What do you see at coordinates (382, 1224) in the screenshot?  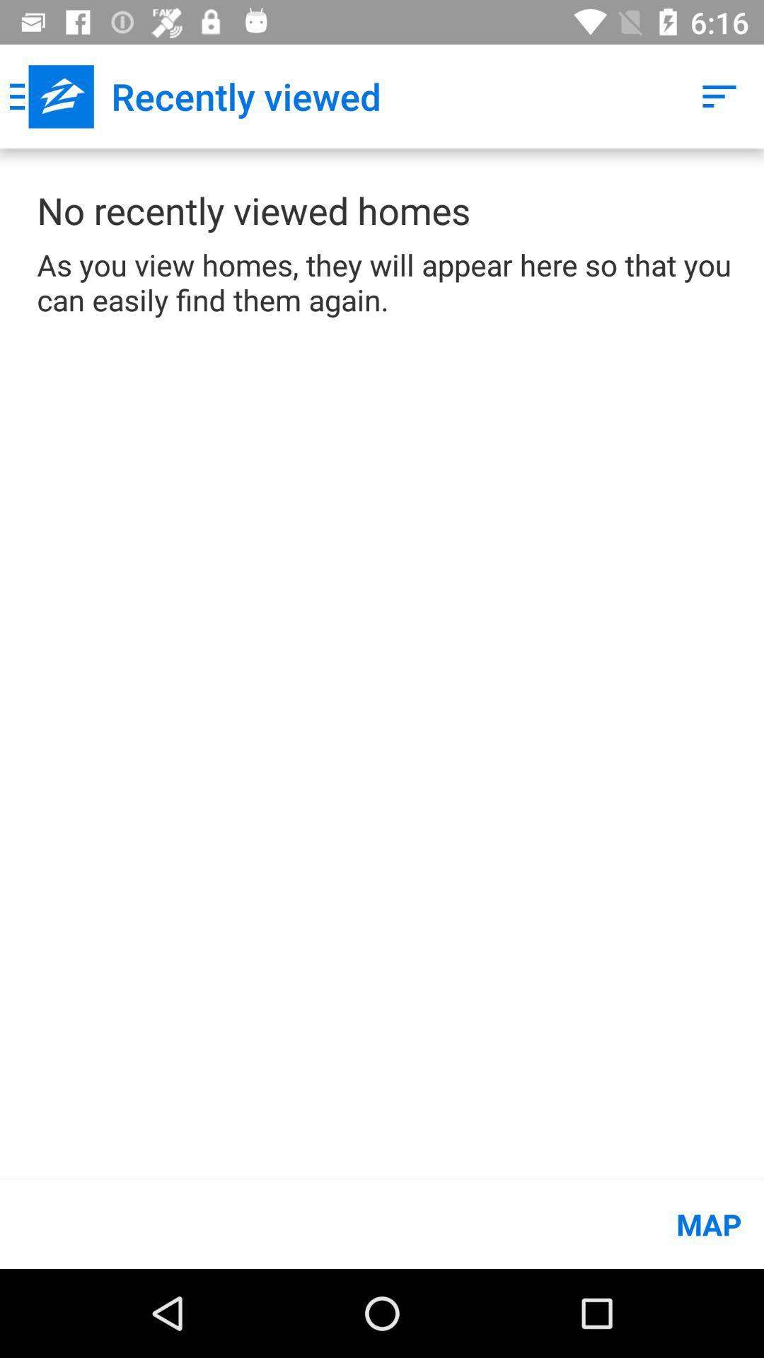 I see `the map icon` at bounding box center [382, 1224].